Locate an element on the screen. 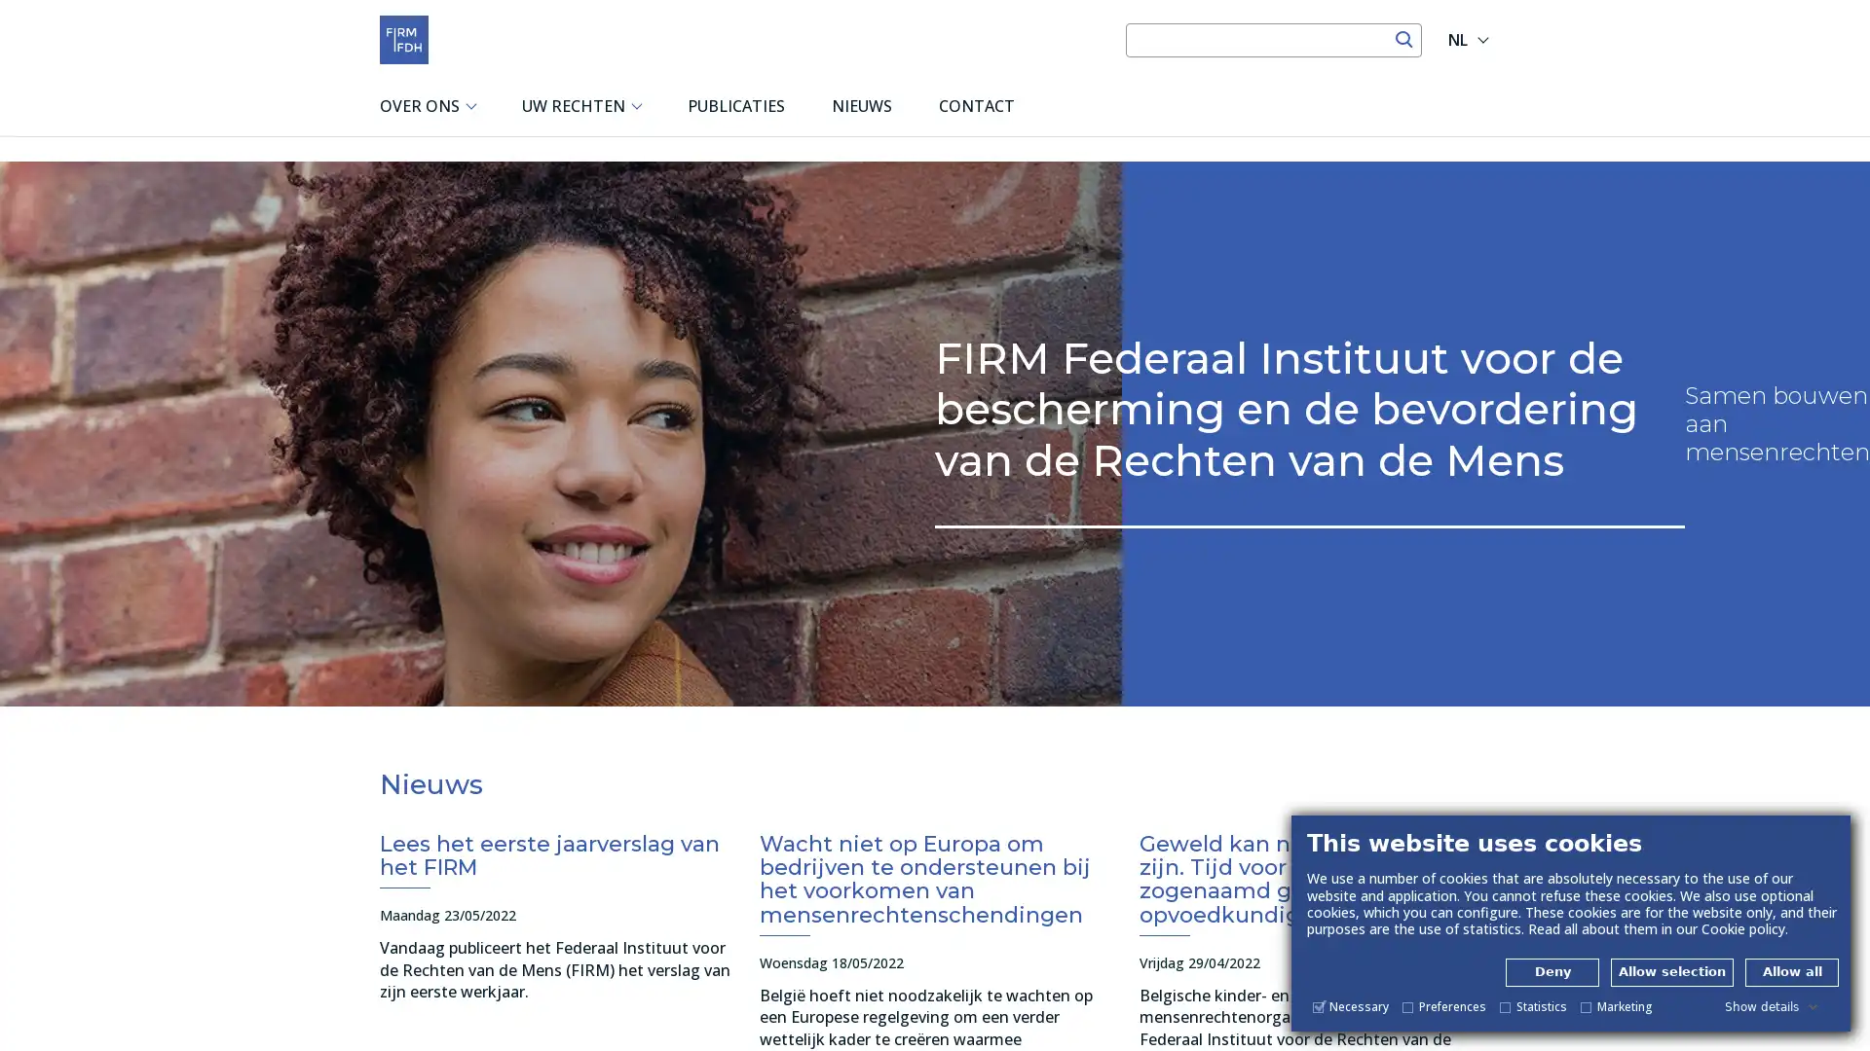 The height and width of the screenshot is (1051, 1870). Zoeken is located at coordinates (1404, 39).